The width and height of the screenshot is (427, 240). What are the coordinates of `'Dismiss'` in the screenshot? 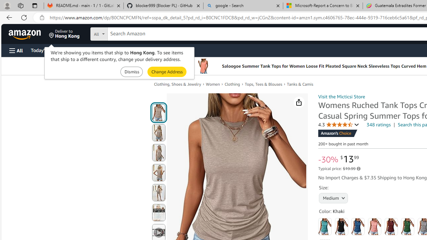 It's located at (131, 72).